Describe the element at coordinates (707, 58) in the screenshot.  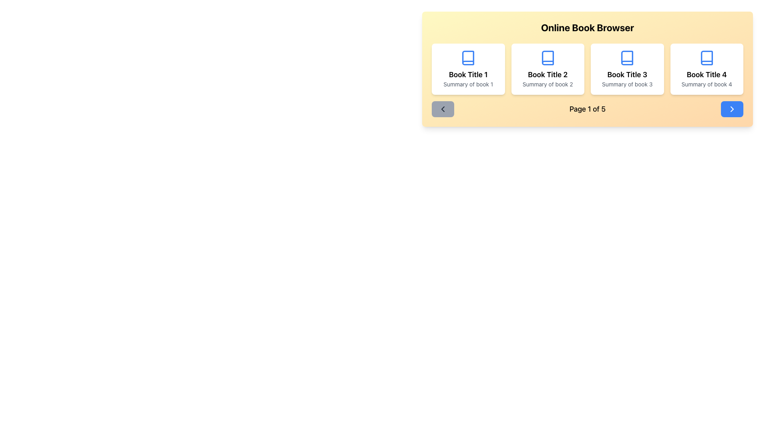
I see `the illustrative icon located at the top of the fourth card from the left in a horizontally aligned grid of cards, which represents a book item in a browser or catalog interface` at that location.